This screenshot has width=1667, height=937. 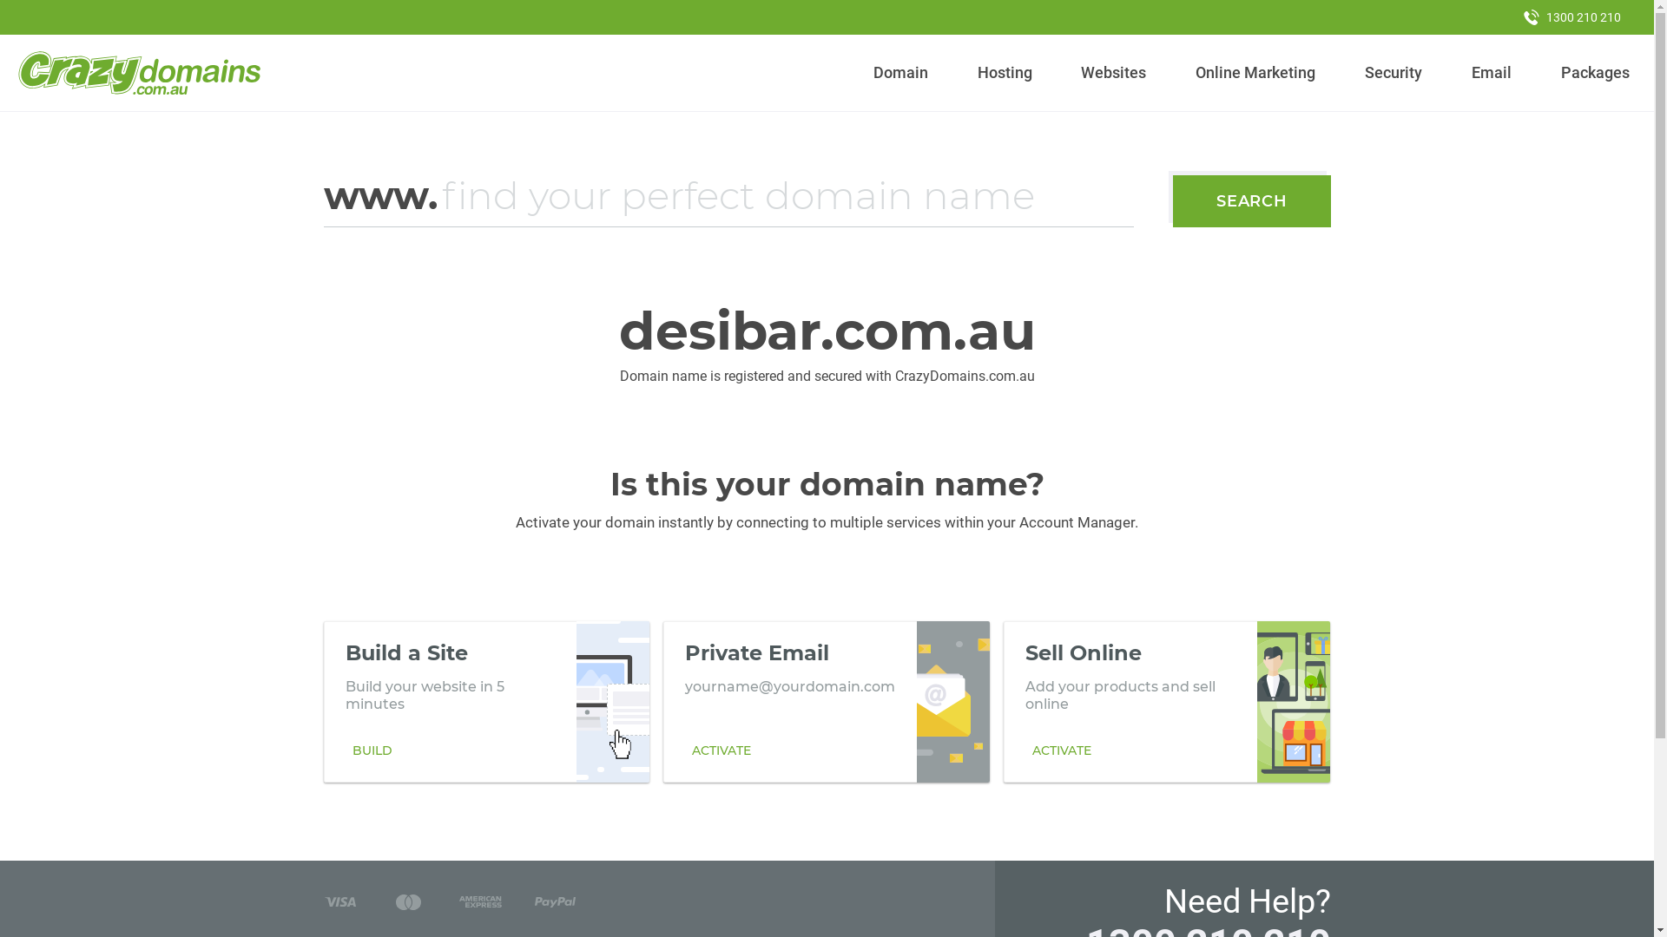 What do you see at coordinates (1073, 72) in the screenshot?
I see `'Websites'` at bounding box center [1073, 72].